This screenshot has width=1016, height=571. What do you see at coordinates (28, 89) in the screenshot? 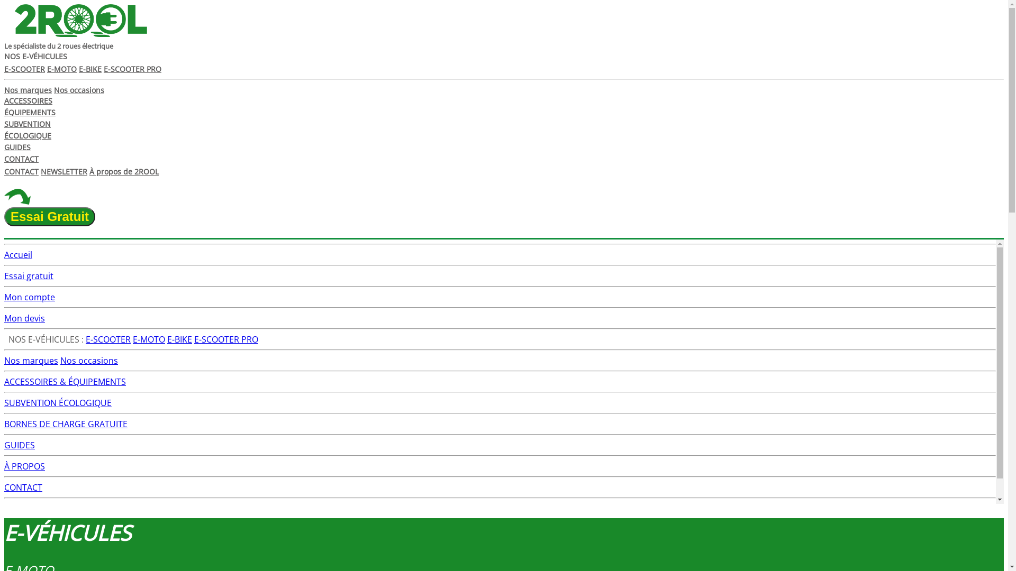
I see `'Nos marques'` at bounding box center [28, 89].